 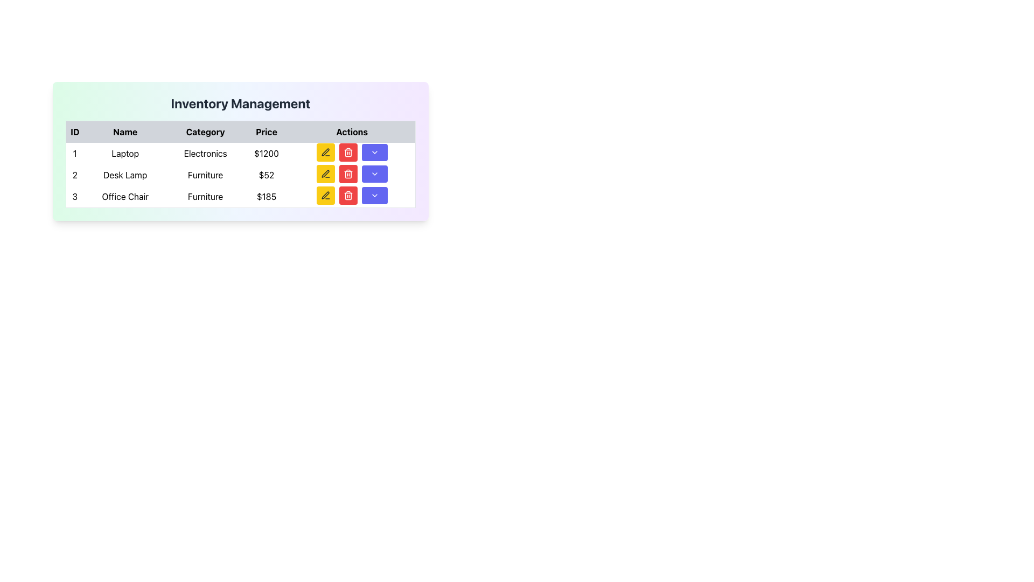 What do you see at coordinates (125, 174) in the screenshot?
I see `the non-interactive text label indicating the product name 'Desk Lamp' located in the second row of the table under the 'Name' column` at bounding box center [125, 174].